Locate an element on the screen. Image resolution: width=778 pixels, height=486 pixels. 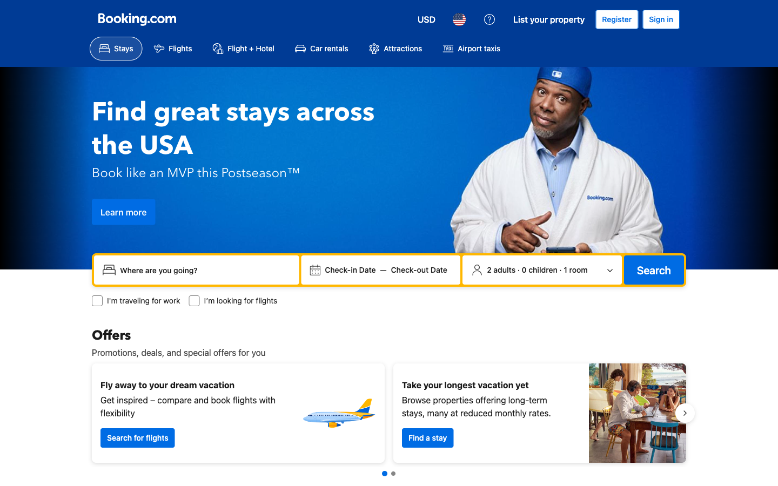
lodging options by clicking the Stays button is located at coordinates (116, 48).